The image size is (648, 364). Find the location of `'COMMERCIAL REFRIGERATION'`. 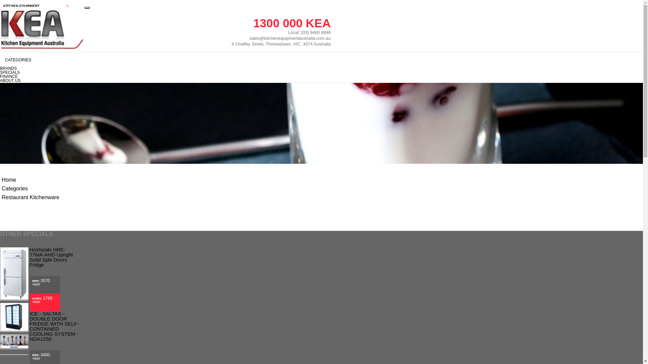

'COMMERCIAL REFRIGERATION' is located at coordinates (37, 32).